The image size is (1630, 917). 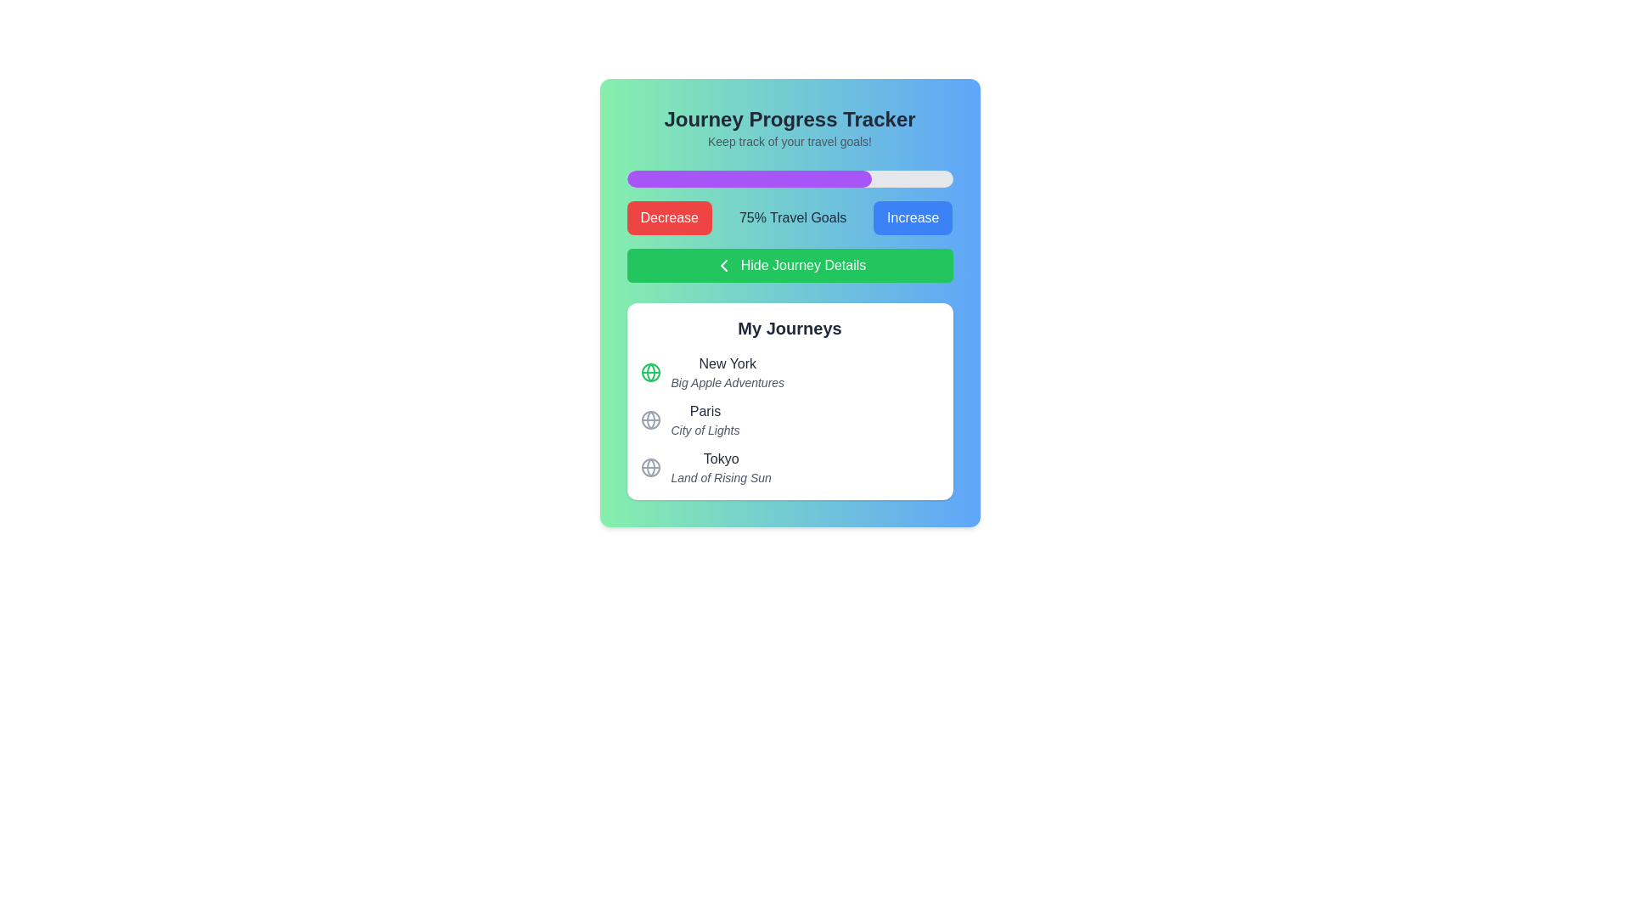 I want to click on the increase button associated with the '75% Travel Goals' label, so click(x=912, y=217).